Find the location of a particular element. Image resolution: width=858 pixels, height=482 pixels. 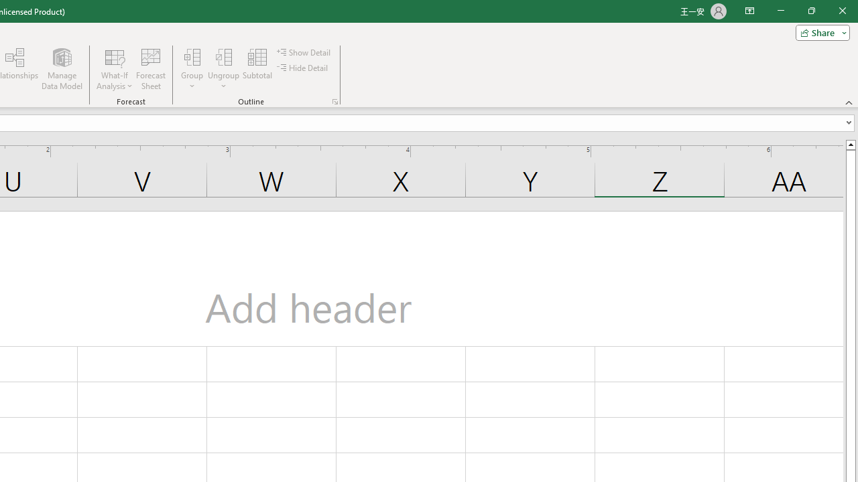

'Group...' is located at coordinates (192, 56).